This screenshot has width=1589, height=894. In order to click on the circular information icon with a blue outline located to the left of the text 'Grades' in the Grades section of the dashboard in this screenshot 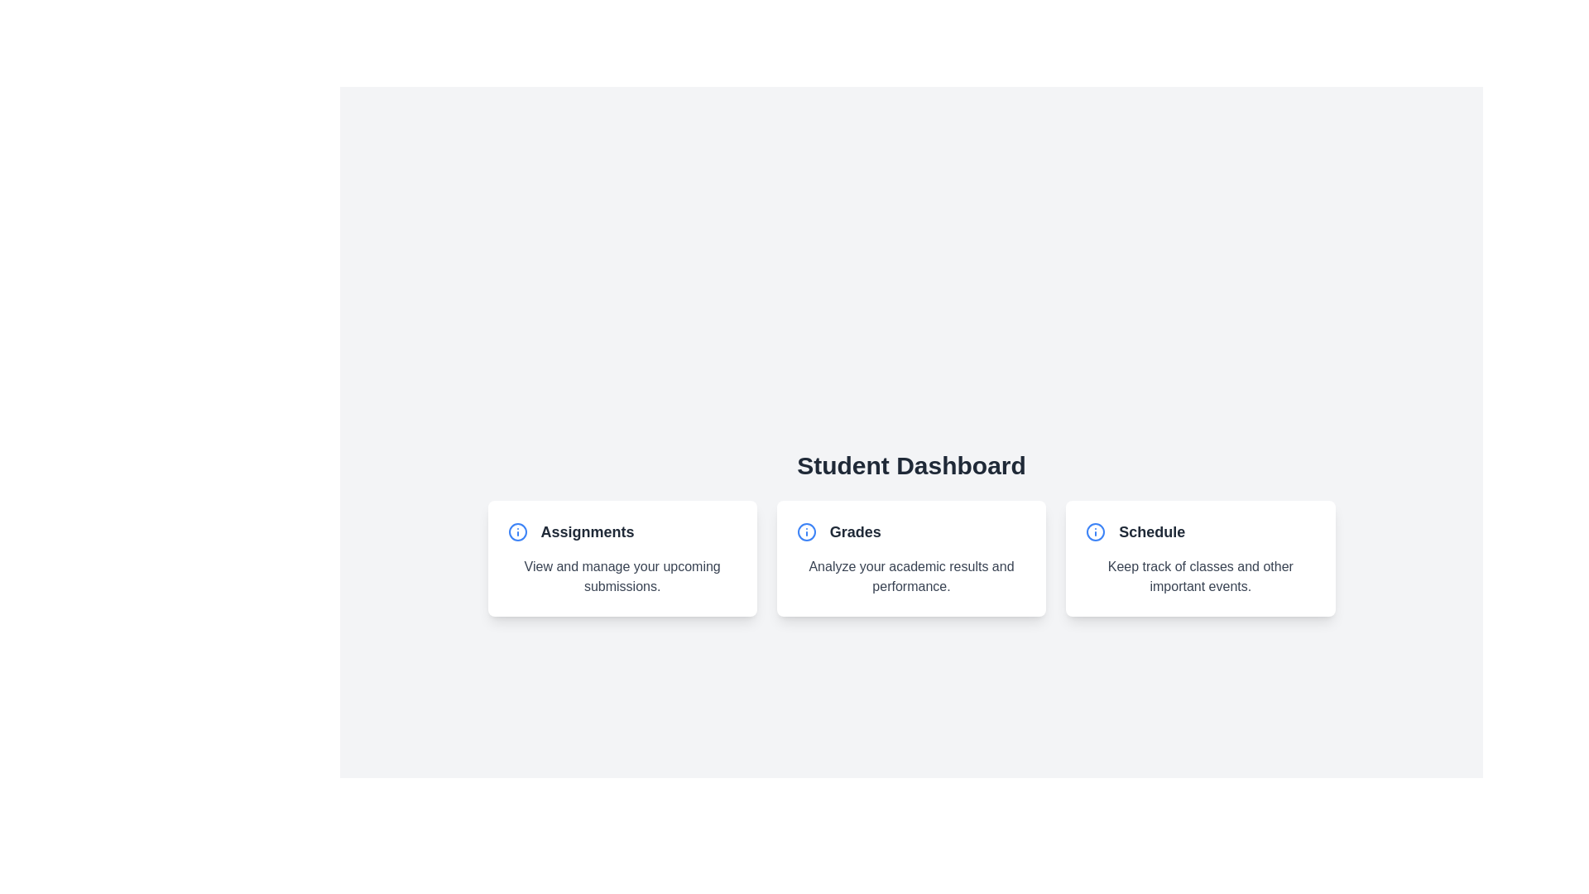, I will do `click(806, 532)`.